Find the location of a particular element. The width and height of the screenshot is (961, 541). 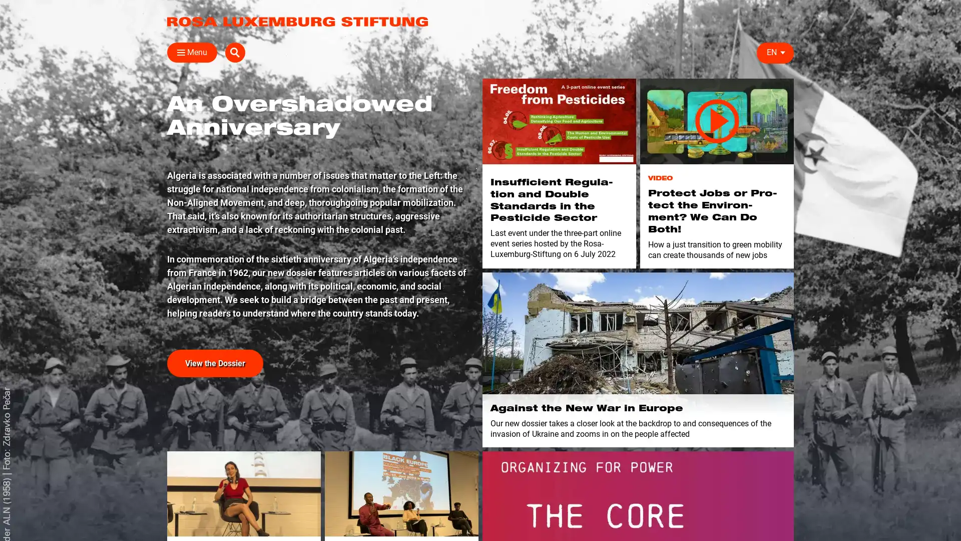

Show more / less is located at coordinates (319, 165).